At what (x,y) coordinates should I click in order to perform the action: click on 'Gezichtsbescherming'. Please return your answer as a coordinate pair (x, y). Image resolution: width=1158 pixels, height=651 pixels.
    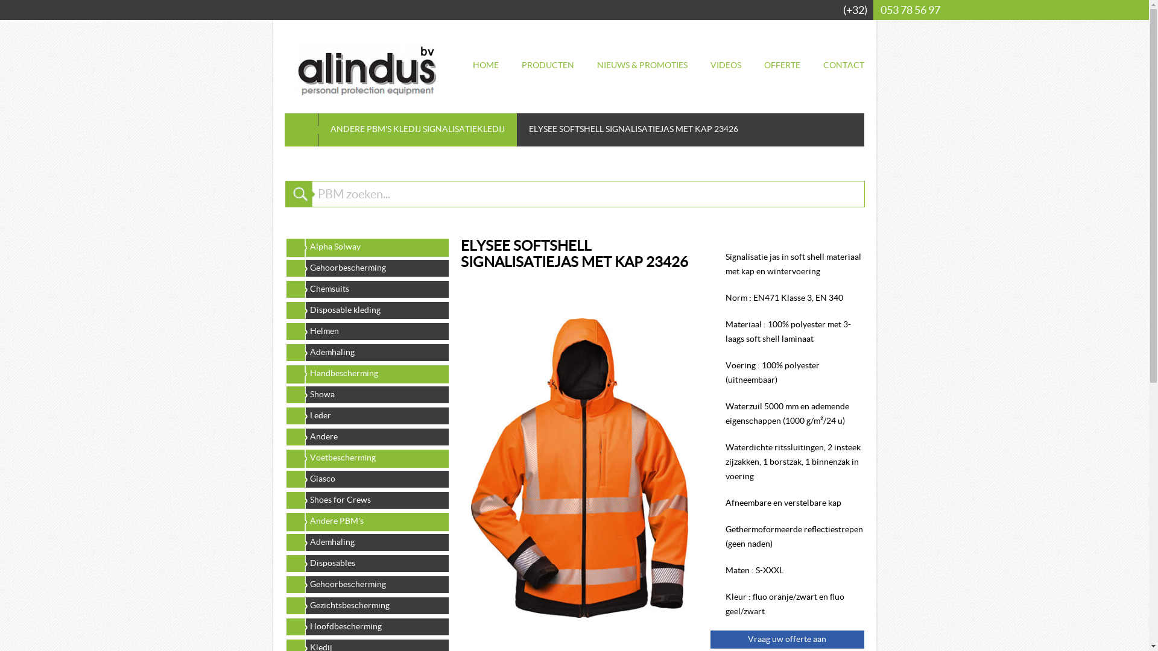
    Looking at the image, I should click on (365, 605).